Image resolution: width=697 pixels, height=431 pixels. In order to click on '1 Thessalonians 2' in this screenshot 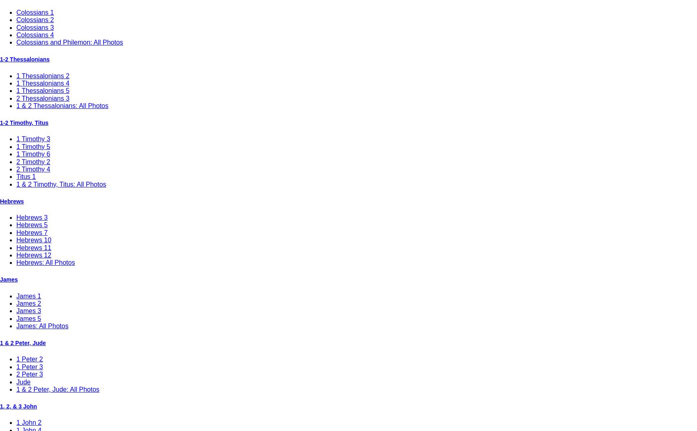, I will do `click(43, 75)`.